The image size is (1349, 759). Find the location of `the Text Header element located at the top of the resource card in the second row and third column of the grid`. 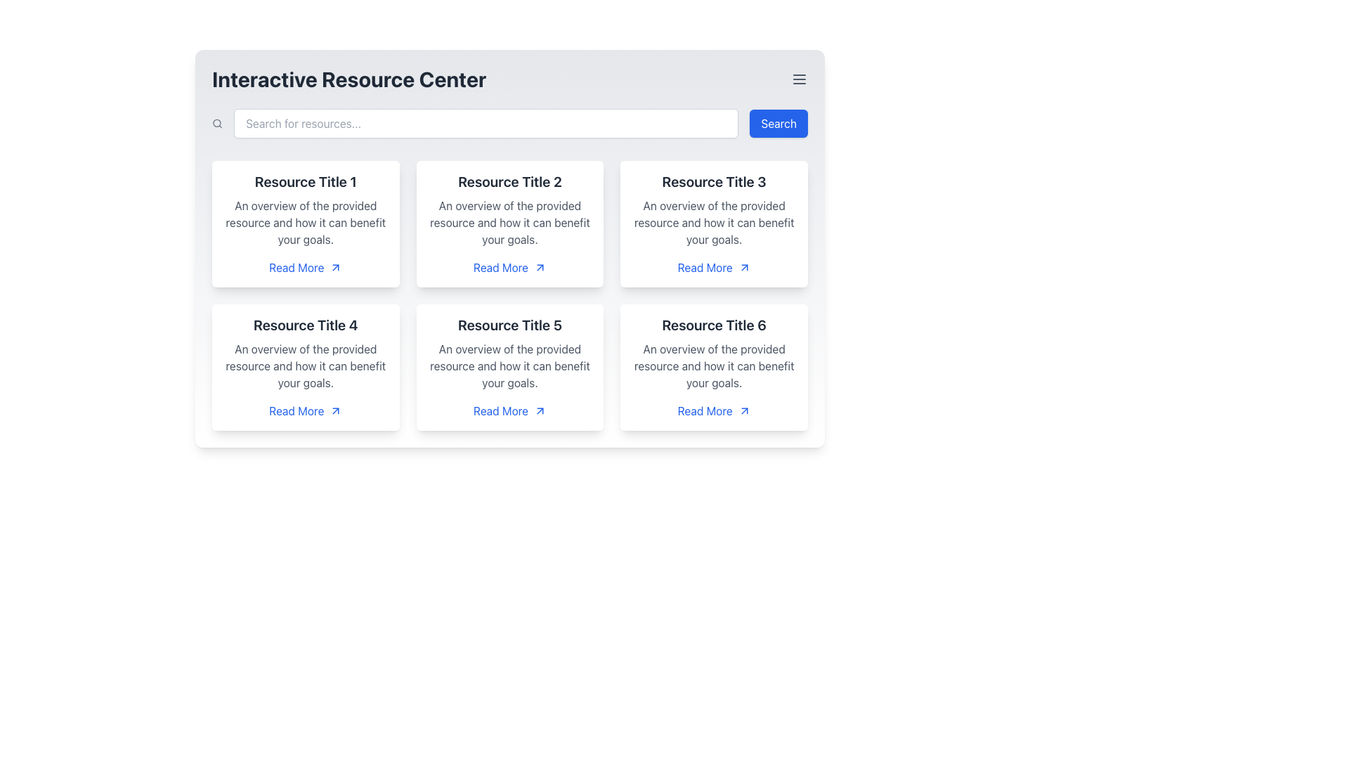

the Text Header element located at the top of the resource card in the second row and third column of the grid is located at coordinates (714, 325).